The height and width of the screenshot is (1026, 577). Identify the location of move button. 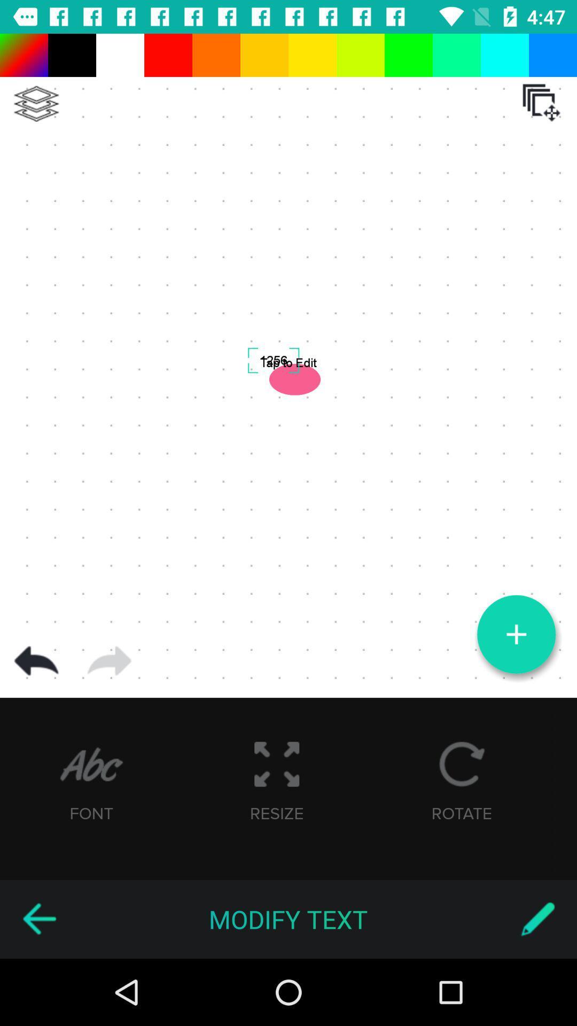
(541, 103).